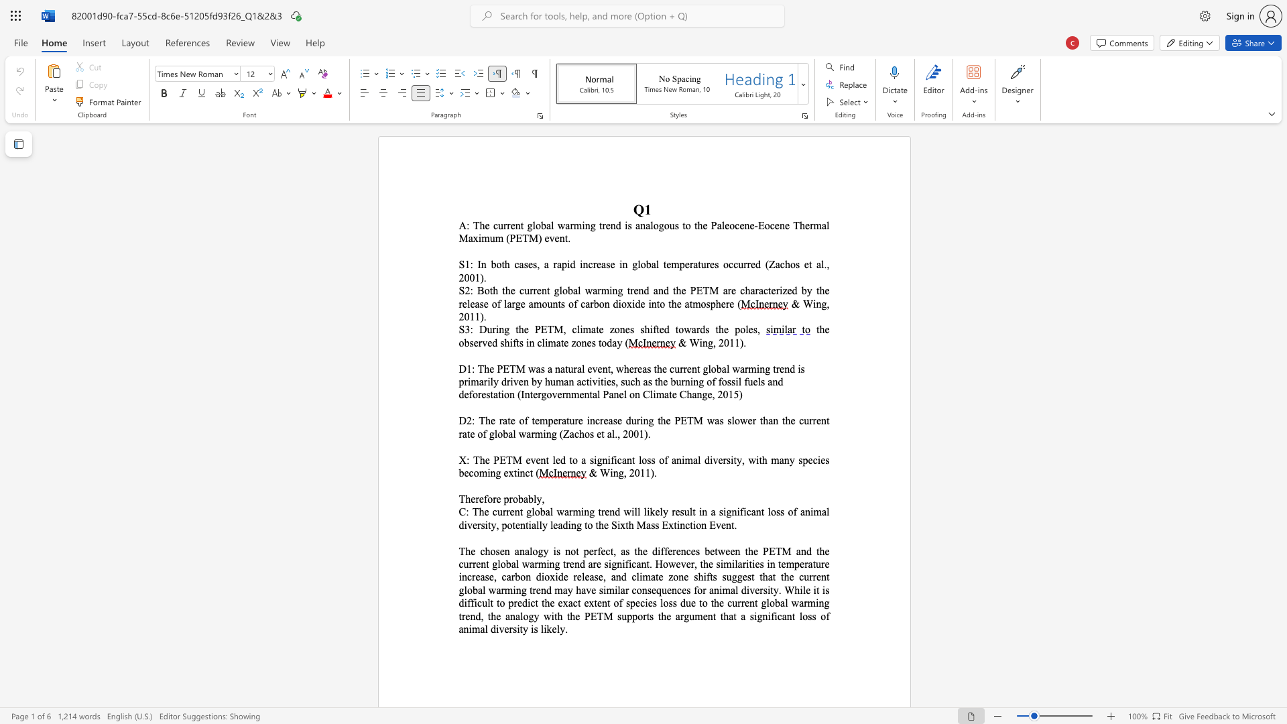 This screenshot has width=1287, height=724. Describe the element at coordinates (481, 499) in the screenshot. I see `the 2th character "e" in the text` at that location.